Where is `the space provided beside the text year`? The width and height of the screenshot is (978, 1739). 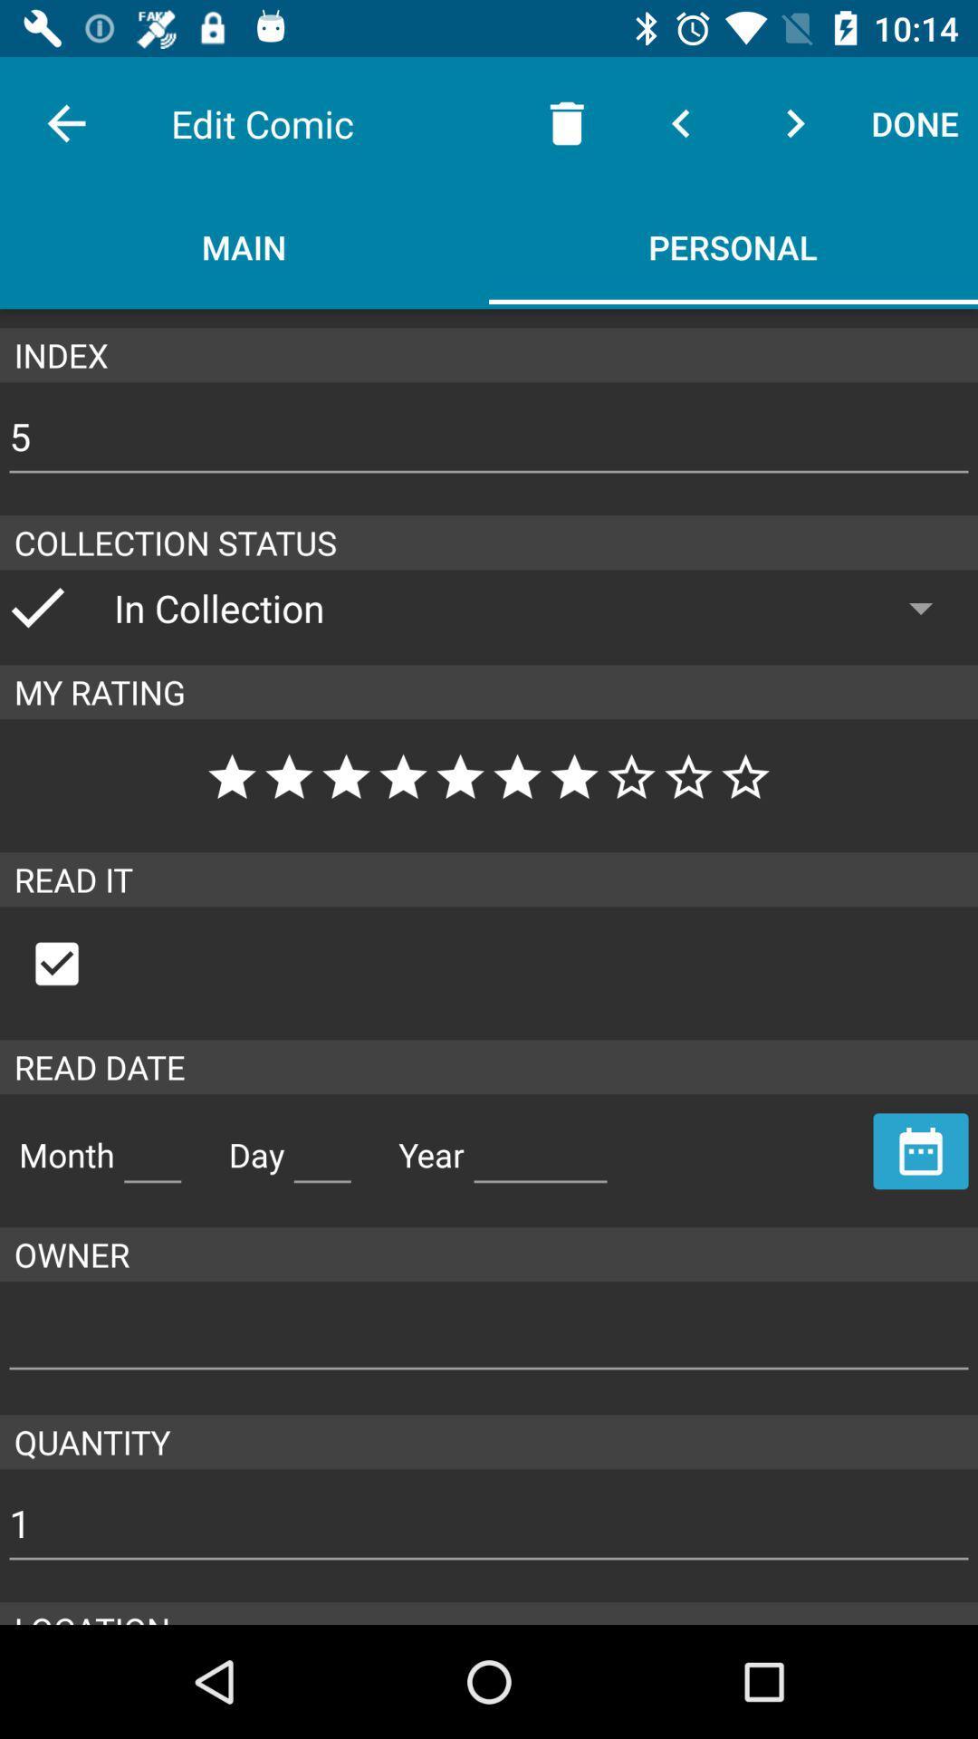
the space provided beside the text year is located at coordinates (540, 1147).